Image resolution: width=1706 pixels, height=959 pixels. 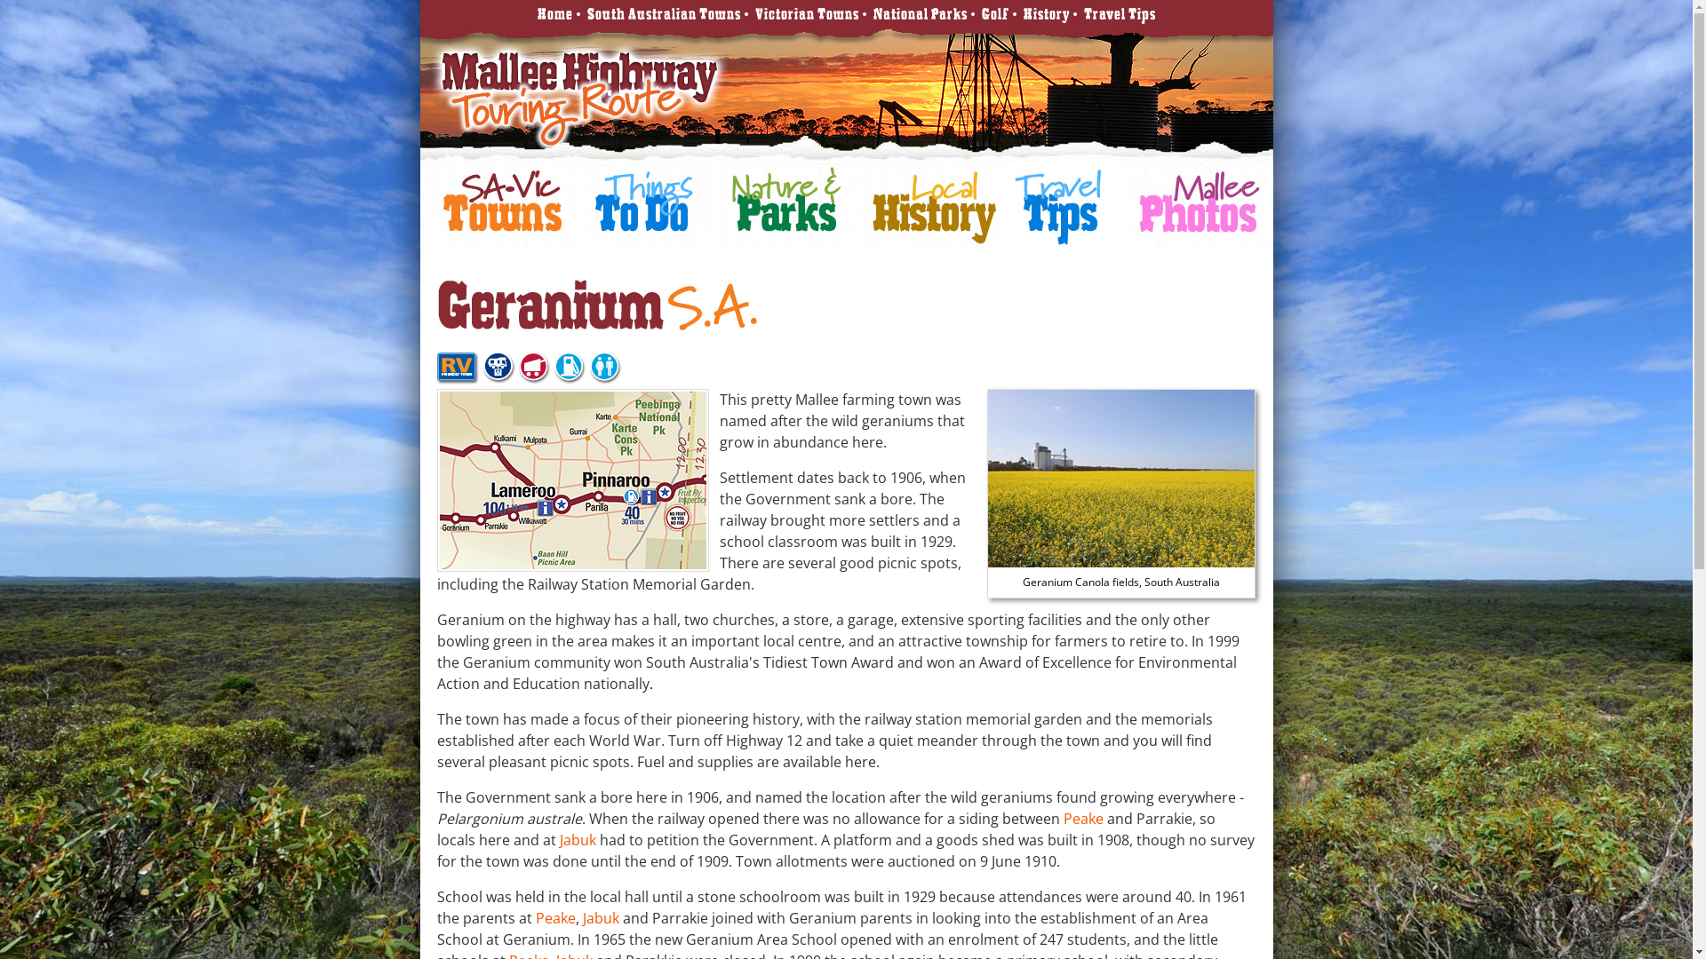 What do you see at coordinates (1063, 818) in the screenshot?
I see `'Peake'` at bounding box center [1063, 818].